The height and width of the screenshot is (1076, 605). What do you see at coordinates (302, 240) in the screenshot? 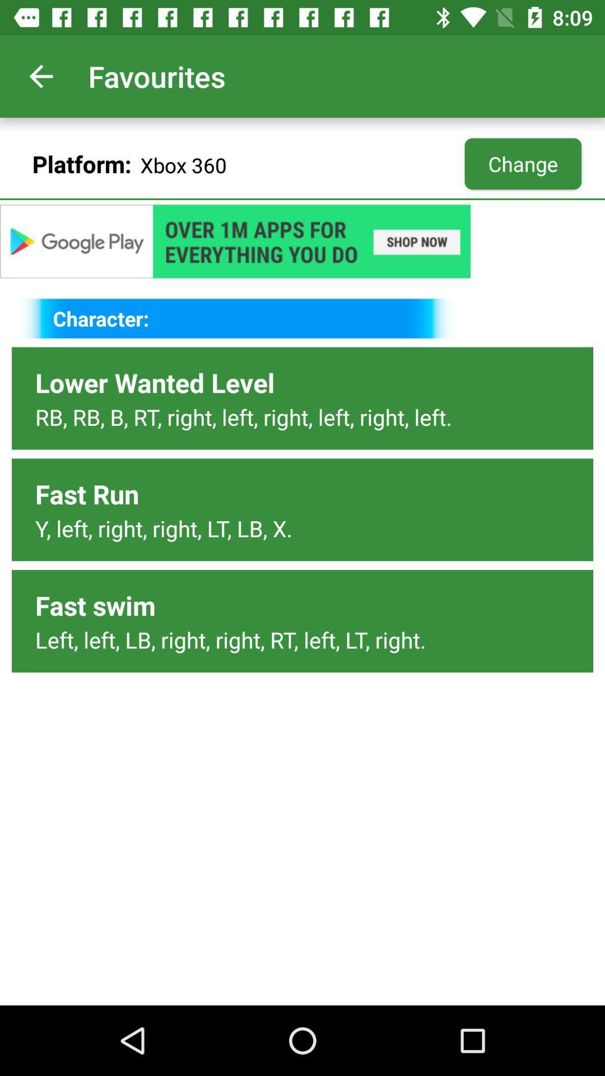
I see `choose the selection` at bounding box center [302, 240].